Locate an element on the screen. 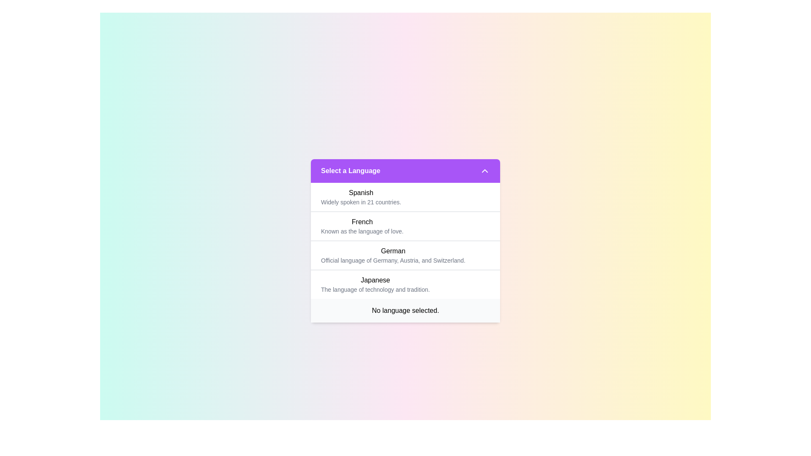 The height and width of the screenshot is (456, 811). the text label reading 'Known as the language of love.' which is styled in gray and located below the bolded title 'French' in the dropdown menu is located at coordinates (362, 231).